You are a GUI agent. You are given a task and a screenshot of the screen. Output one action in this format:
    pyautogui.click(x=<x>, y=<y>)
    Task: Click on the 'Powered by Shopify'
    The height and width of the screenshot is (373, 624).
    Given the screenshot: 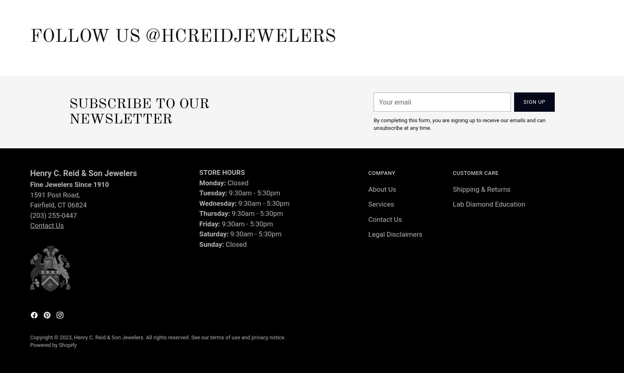 What is the action you would take?
    pyautogui.click(x=53, y=345)
    